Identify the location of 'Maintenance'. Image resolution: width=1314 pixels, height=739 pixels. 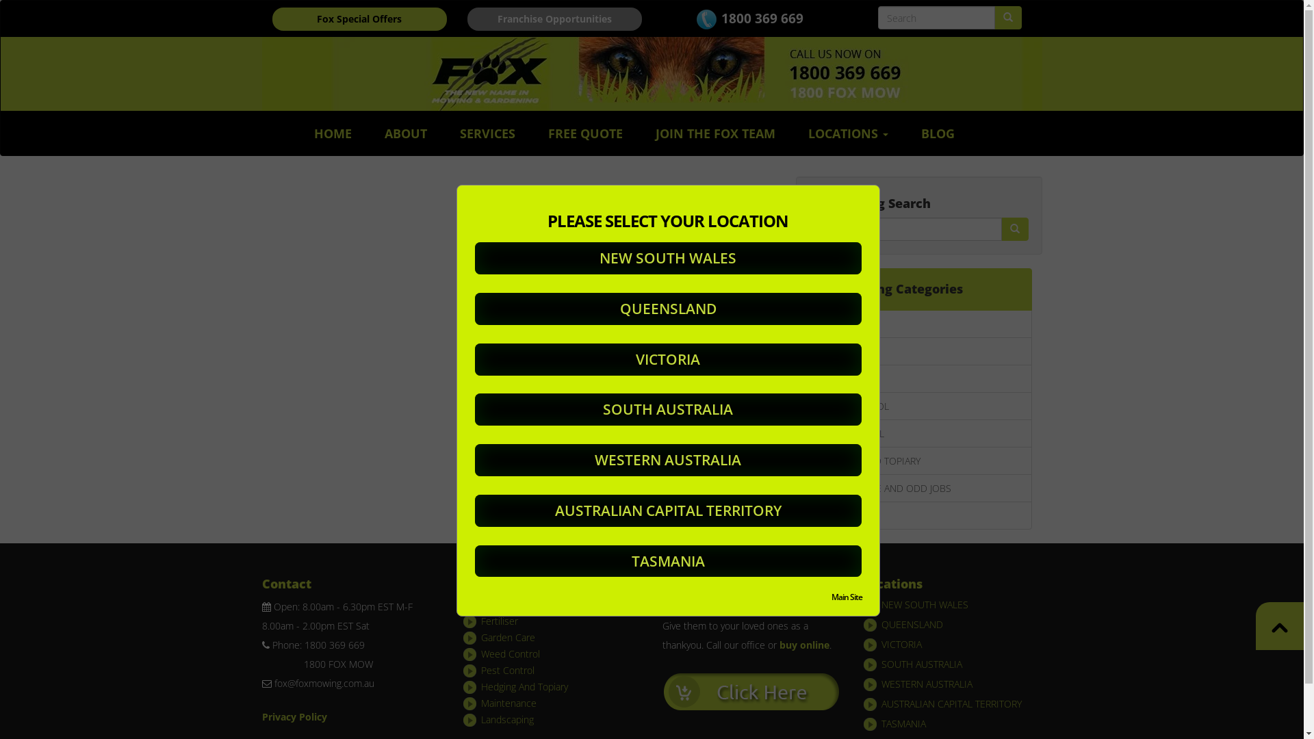
(480, 703).